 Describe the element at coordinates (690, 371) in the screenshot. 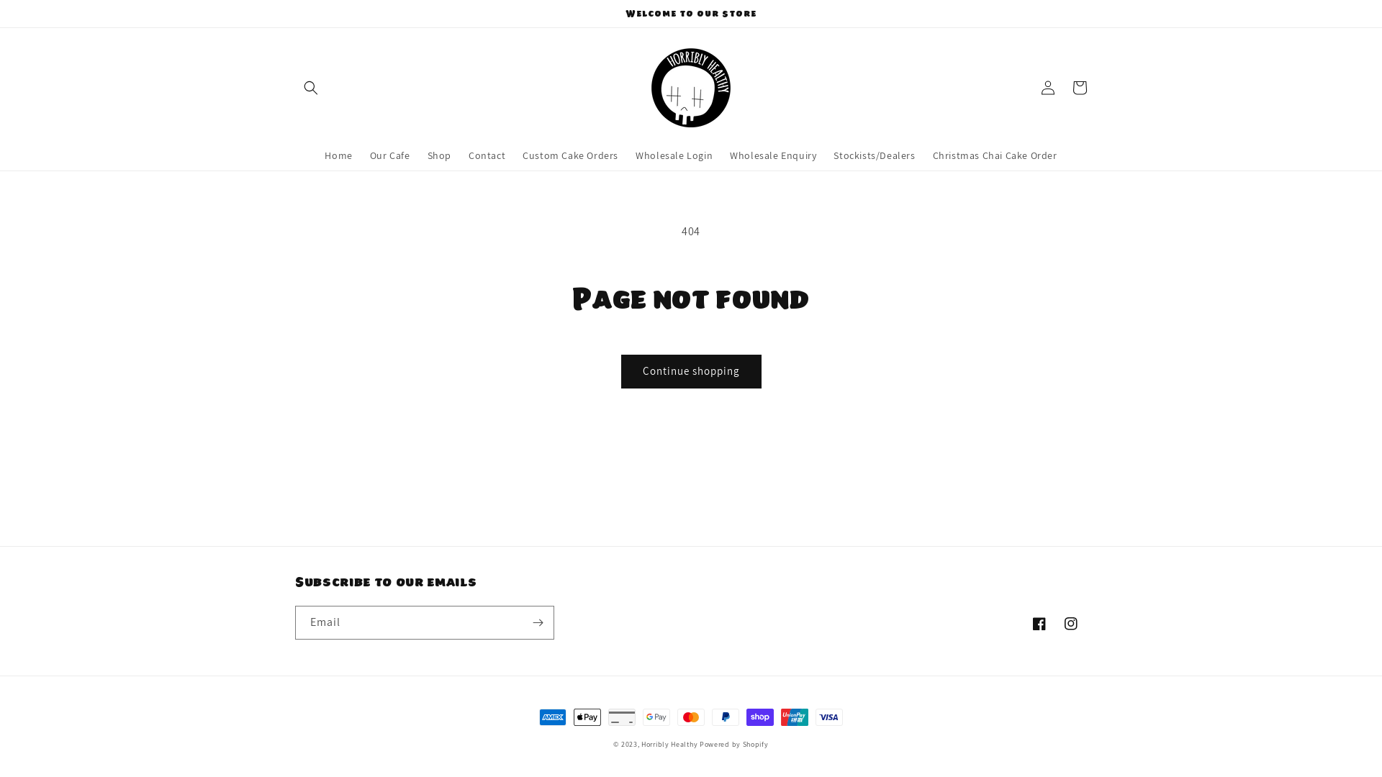

I see `'Continue shopping'` at that location.